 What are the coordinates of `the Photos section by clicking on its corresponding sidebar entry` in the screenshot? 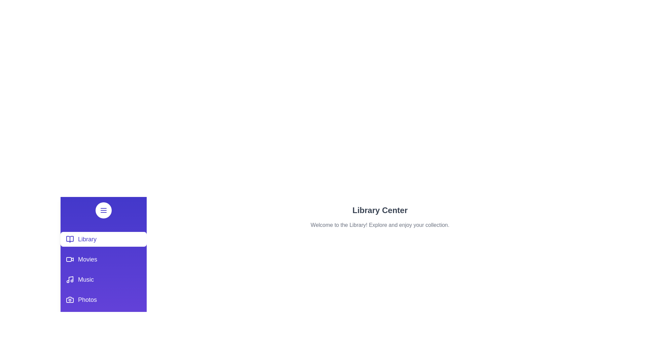 It's located at (103, 299).